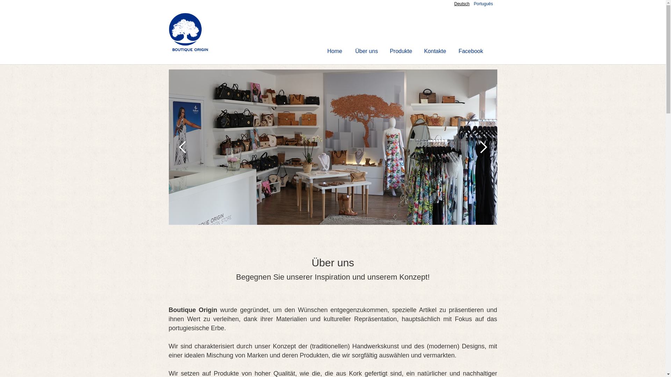 This screenshot has width=671, height=377. I want to click on 'Home', so click(334, 51).